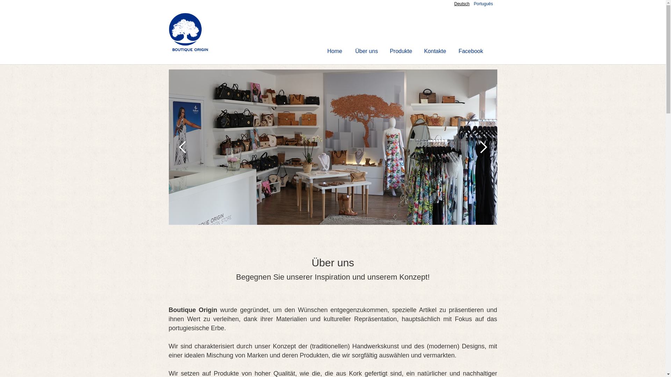 This screenshot has width=671, height=377. I want to click on 'Home', so click(334, 51).